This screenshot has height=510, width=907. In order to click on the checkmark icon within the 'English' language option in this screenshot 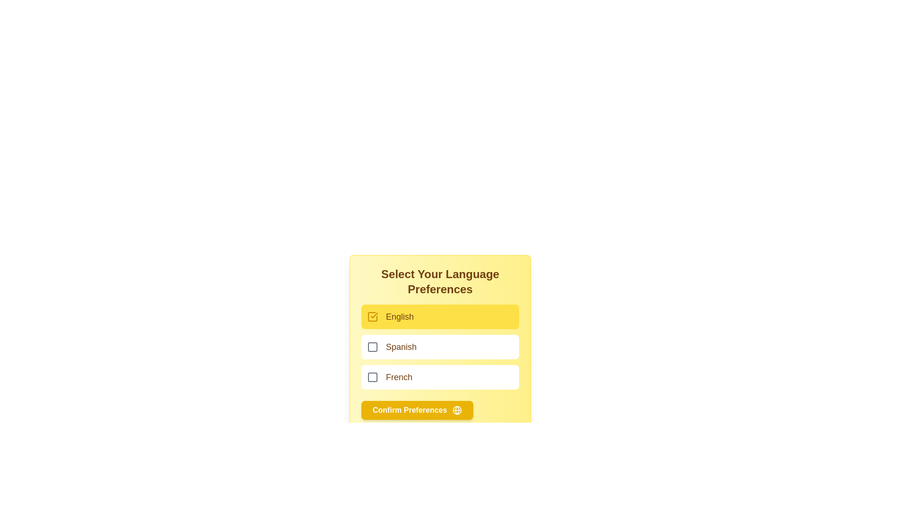, I will do `click(374, 315)`.